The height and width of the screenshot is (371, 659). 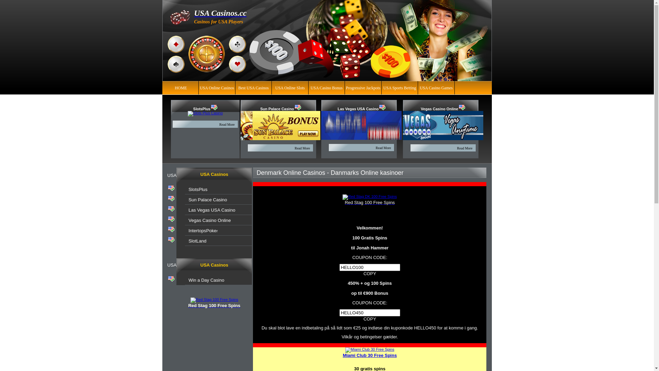 I want to click on 'USA Casino Games', so click(x=436, y=87).